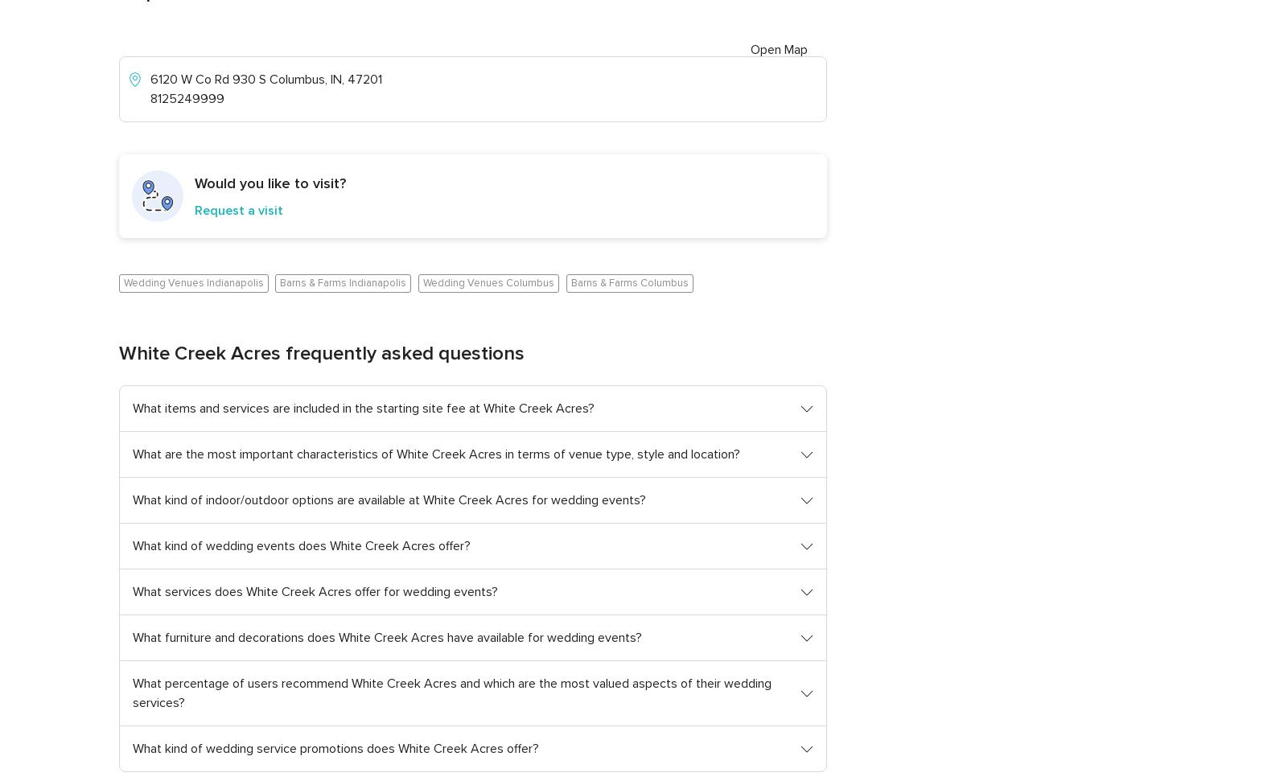 The height and width of the screenshot is (781, 1280). Describe the element at coordinates (628, 282) in the screenshot. I see `'Barns & Farms Columbus'` at that location.